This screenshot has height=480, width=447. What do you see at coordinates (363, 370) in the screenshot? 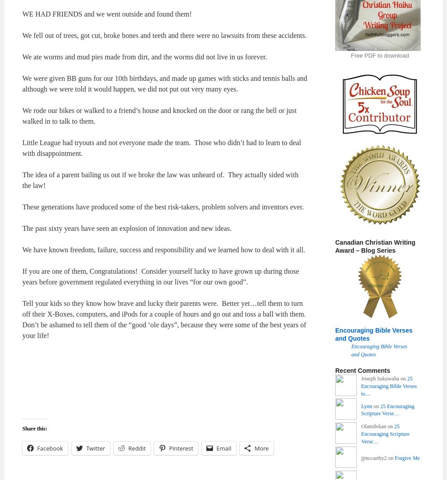
I see `'Recent Comments'` at bounding box center [363, 370].